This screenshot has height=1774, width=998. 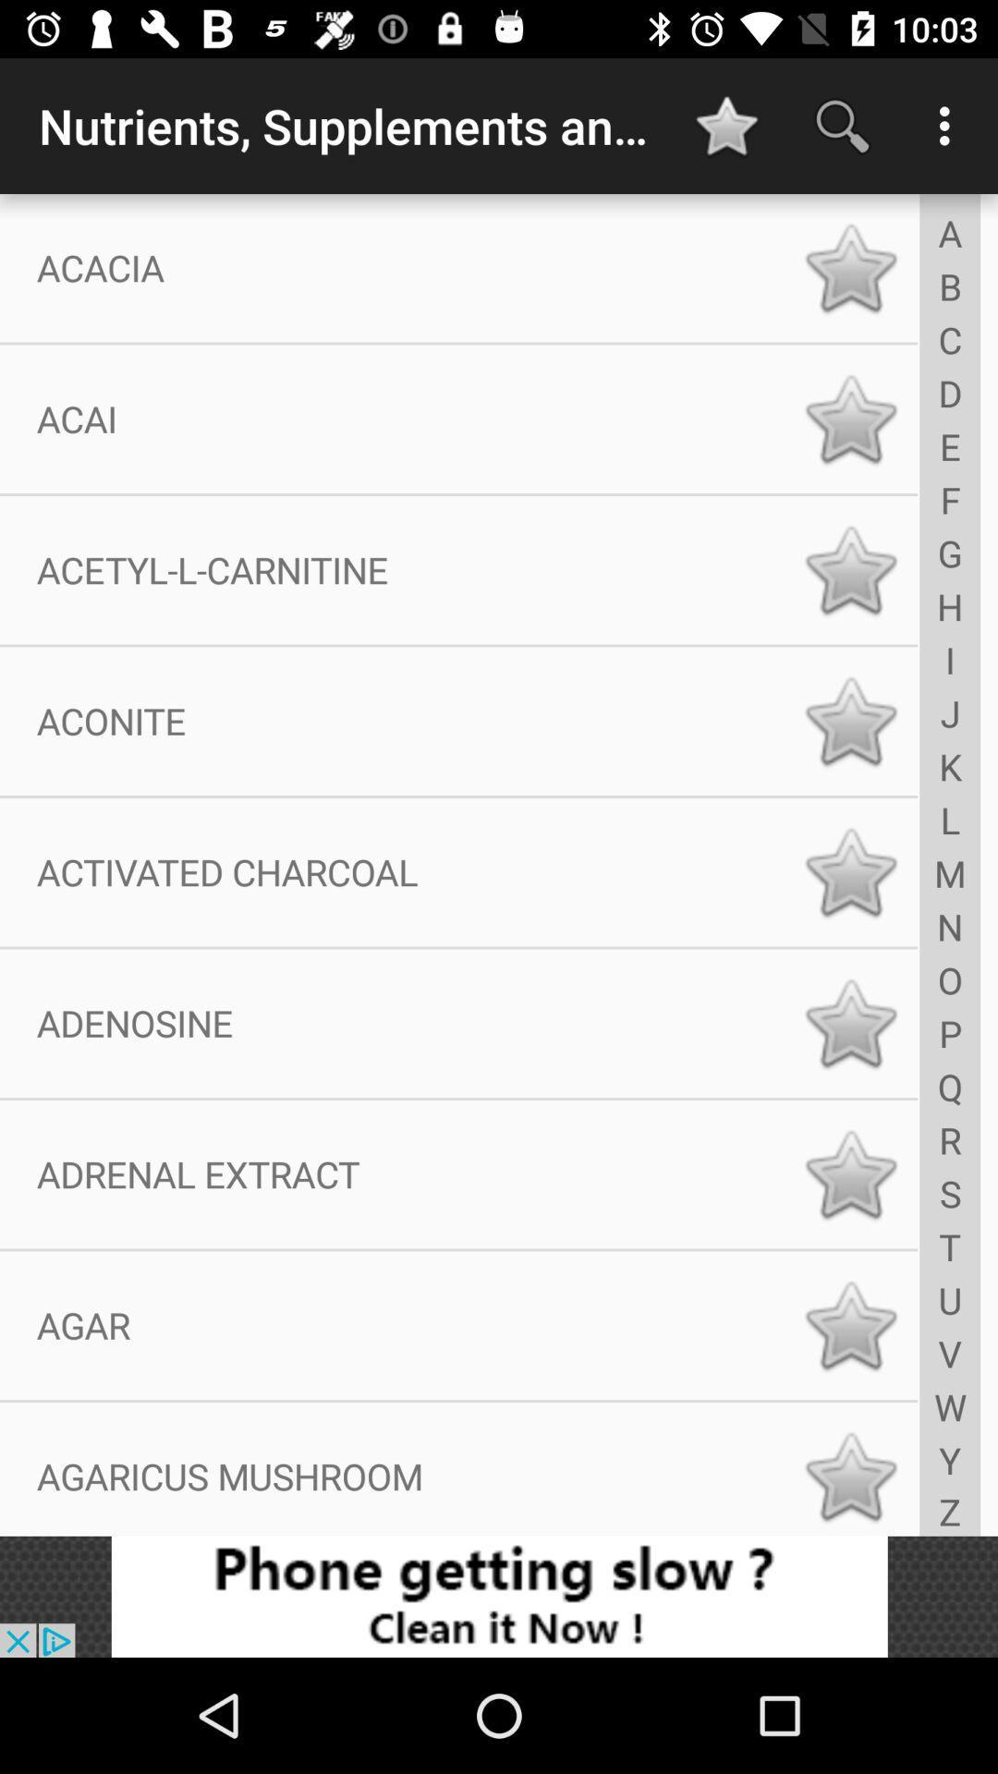 What do you see at coordinates (499, 1596) in the screenshot?
I see `advertisement` at bounding box center [499, 1596].